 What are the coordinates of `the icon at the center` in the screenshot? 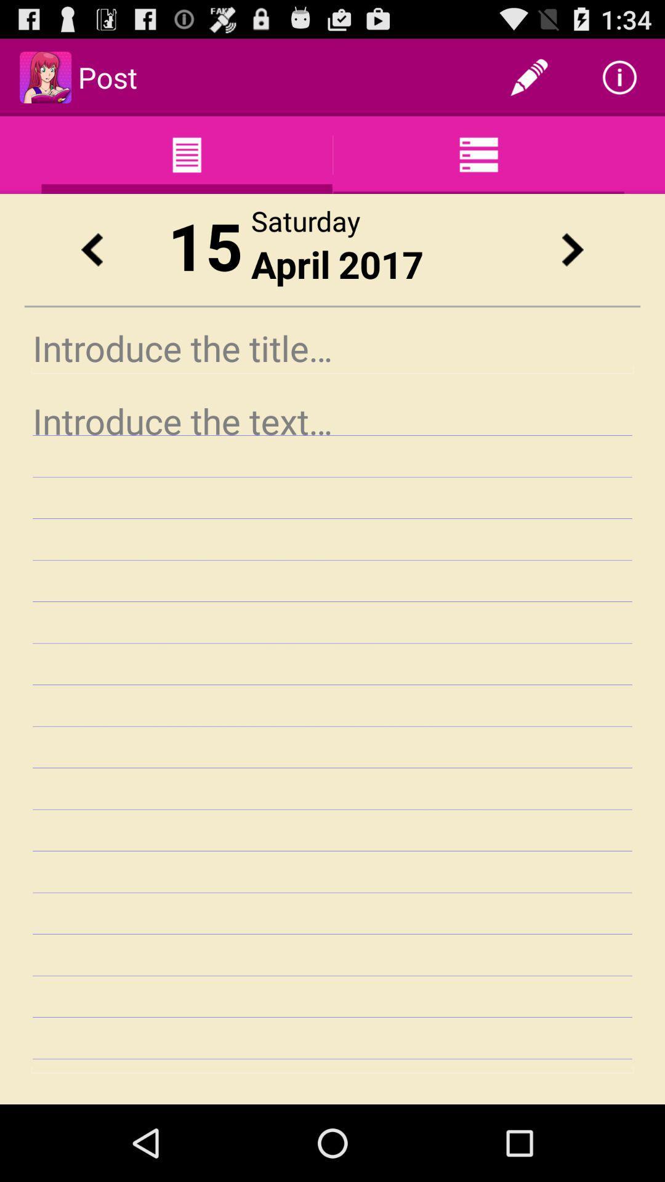 It's located at (332, 734).